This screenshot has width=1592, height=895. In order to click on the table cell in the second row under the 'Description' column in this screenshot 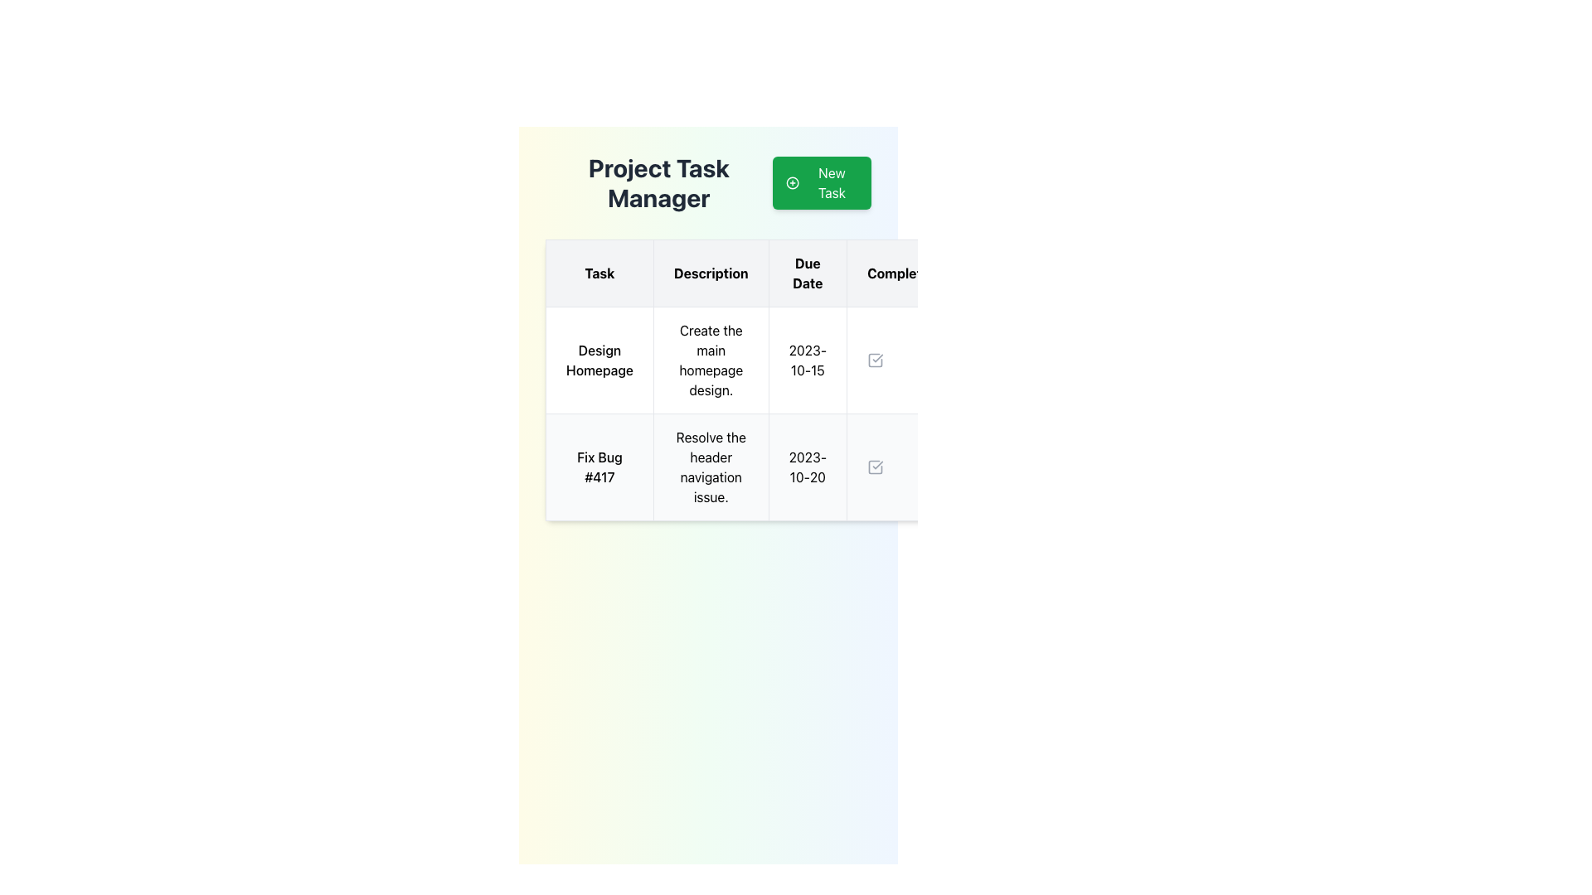, I will do `click(711, 467)`.